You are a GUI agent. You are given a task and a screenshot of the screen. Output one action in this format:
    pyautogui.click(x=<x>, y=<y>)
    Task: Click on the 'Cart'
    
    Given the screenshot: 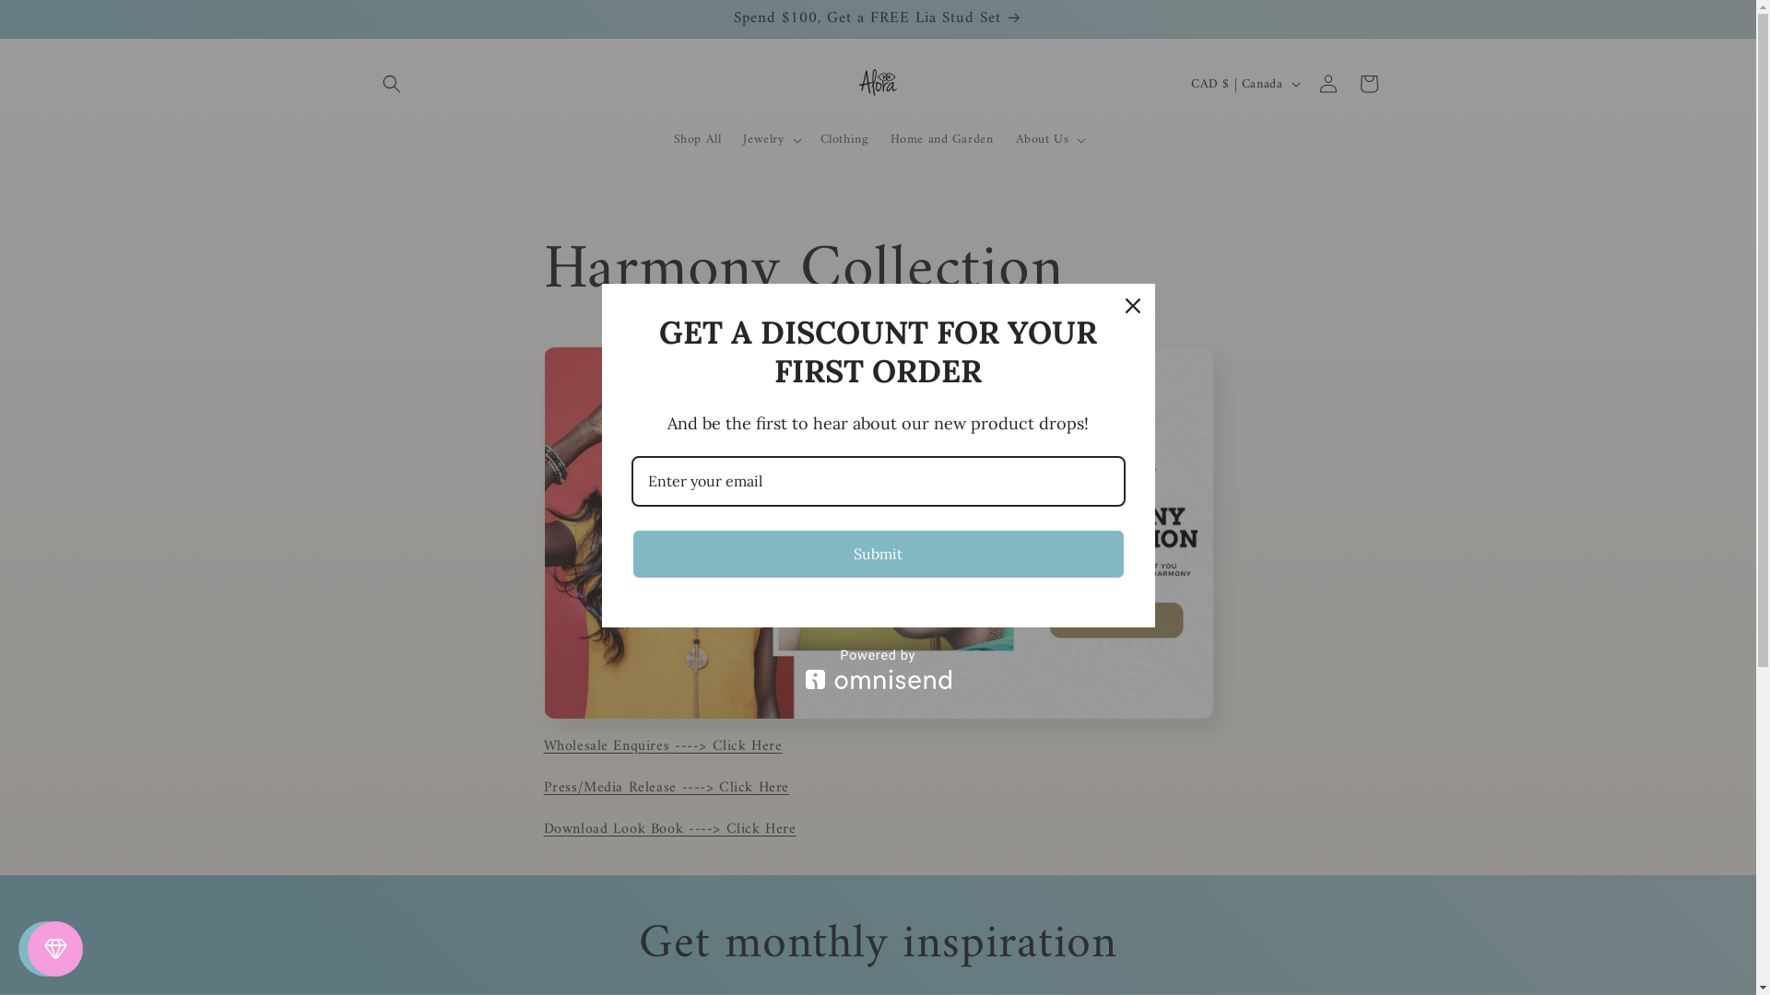 What is the action you would take?
    pyautogui.click(x=1367, y=84)
    